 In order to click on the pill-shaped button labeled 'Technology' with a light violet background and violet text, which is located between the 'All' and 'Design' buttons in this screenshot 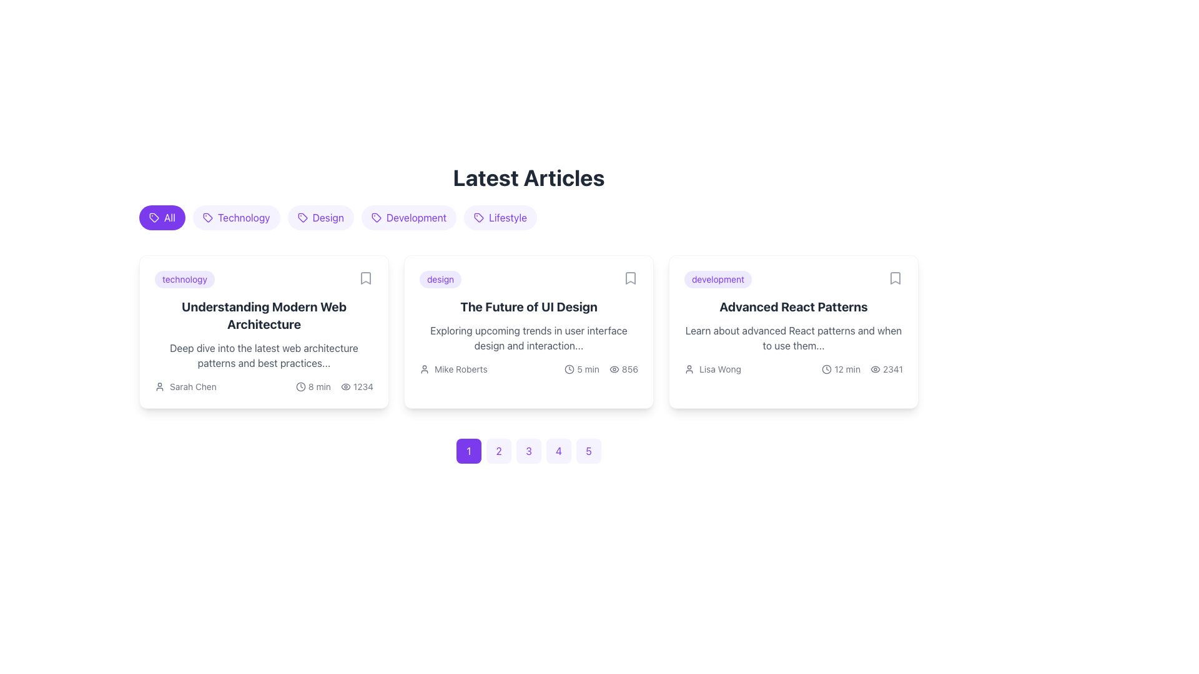, I will do `click(236, 217)`.